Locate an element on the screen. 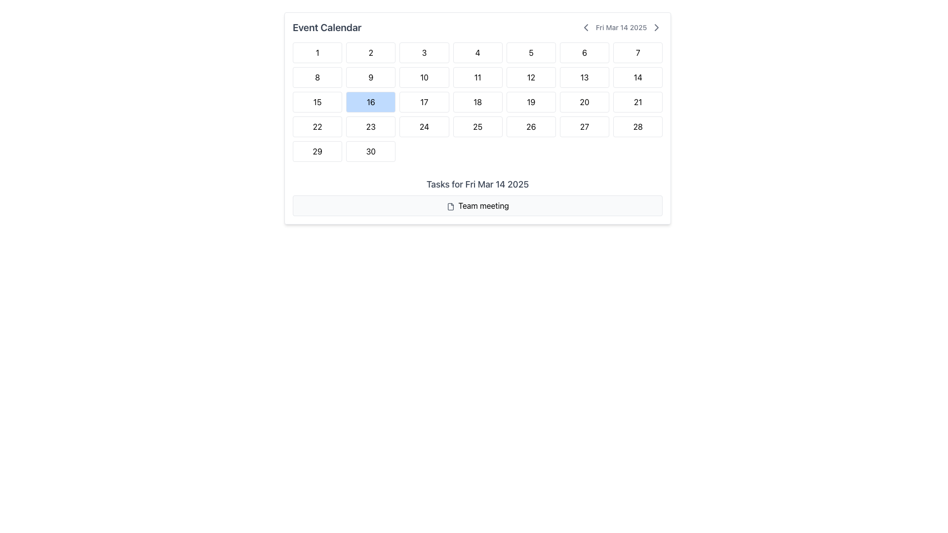 This screenshot has width=948, height=533. the 29th day cell in the calendar is located at coordinates (317, 152).